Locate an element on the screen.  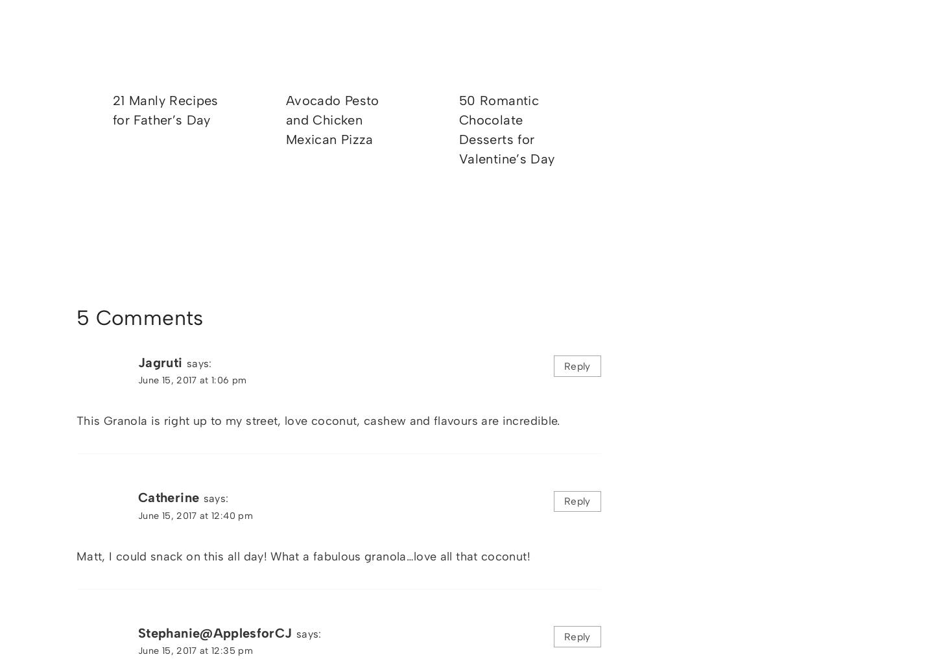
'June 15, 2017 at 1:06 pm' is located at coordinates (191, 379).